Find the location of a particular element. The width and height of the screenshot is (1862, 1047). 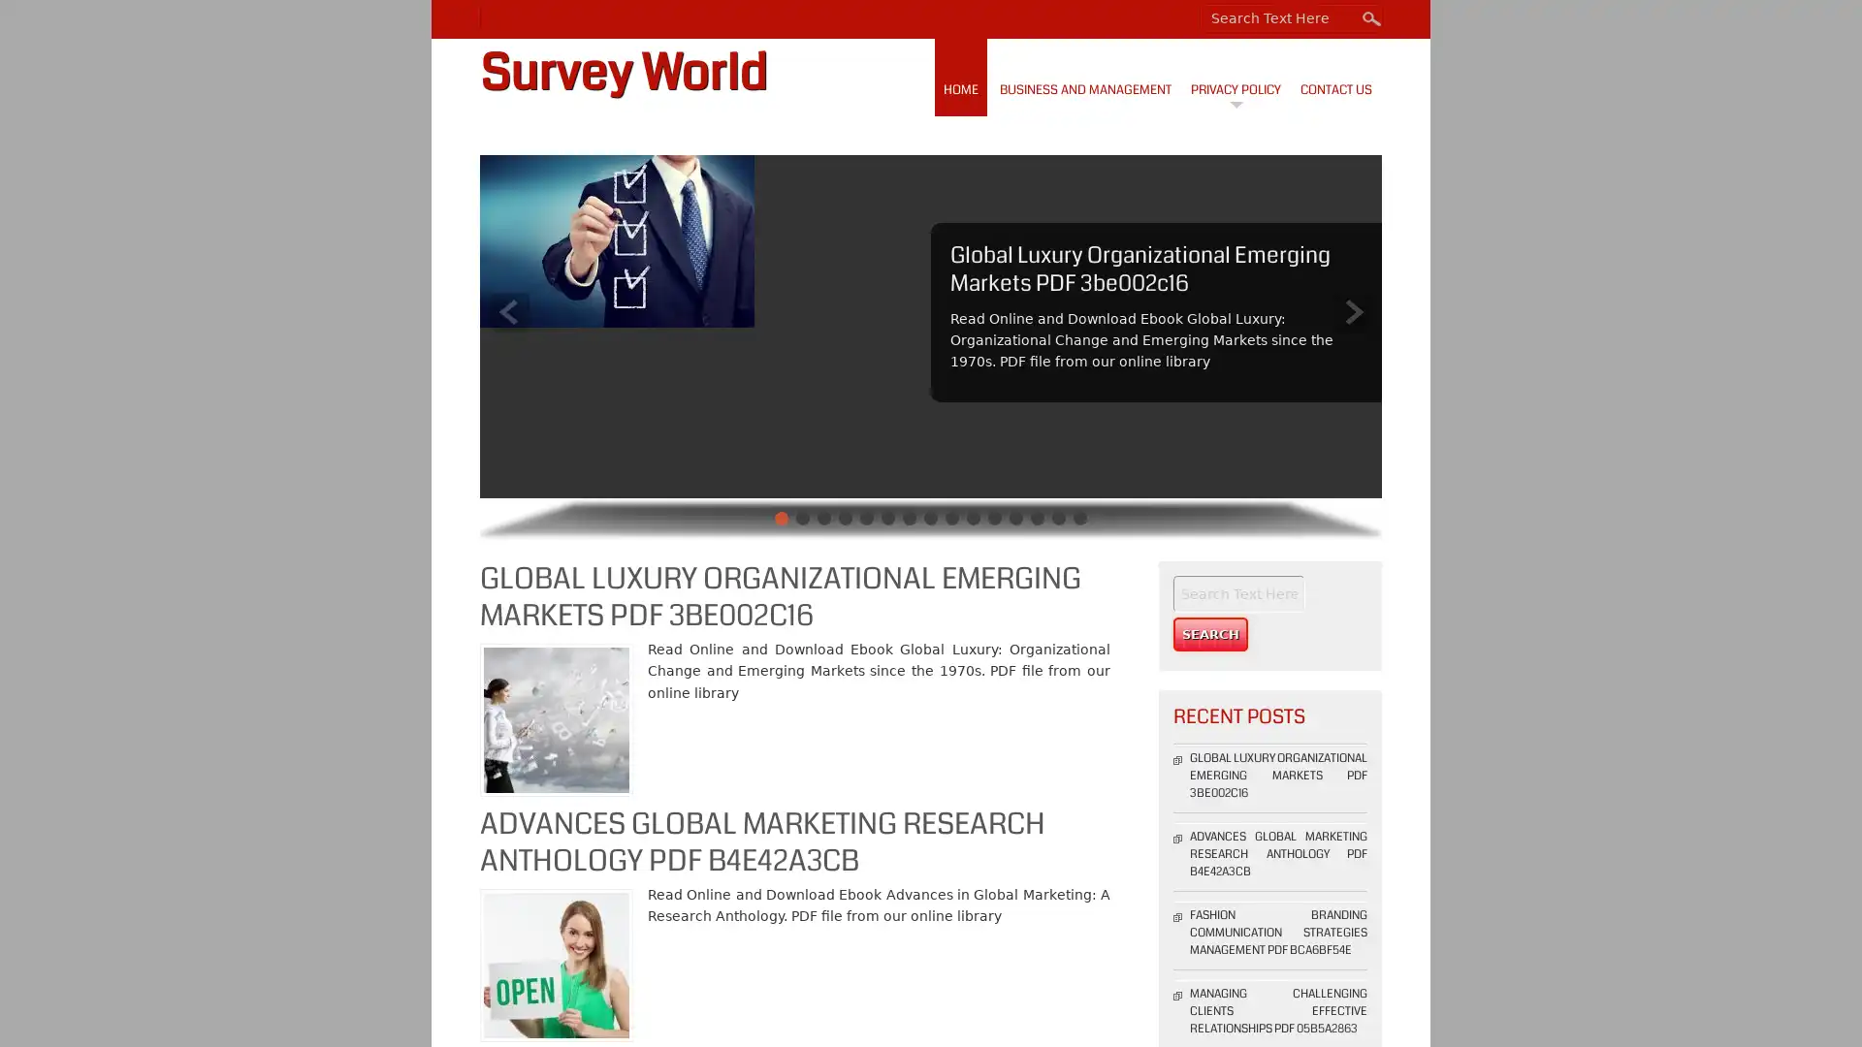

Search is located at coordinates (1209, 634).